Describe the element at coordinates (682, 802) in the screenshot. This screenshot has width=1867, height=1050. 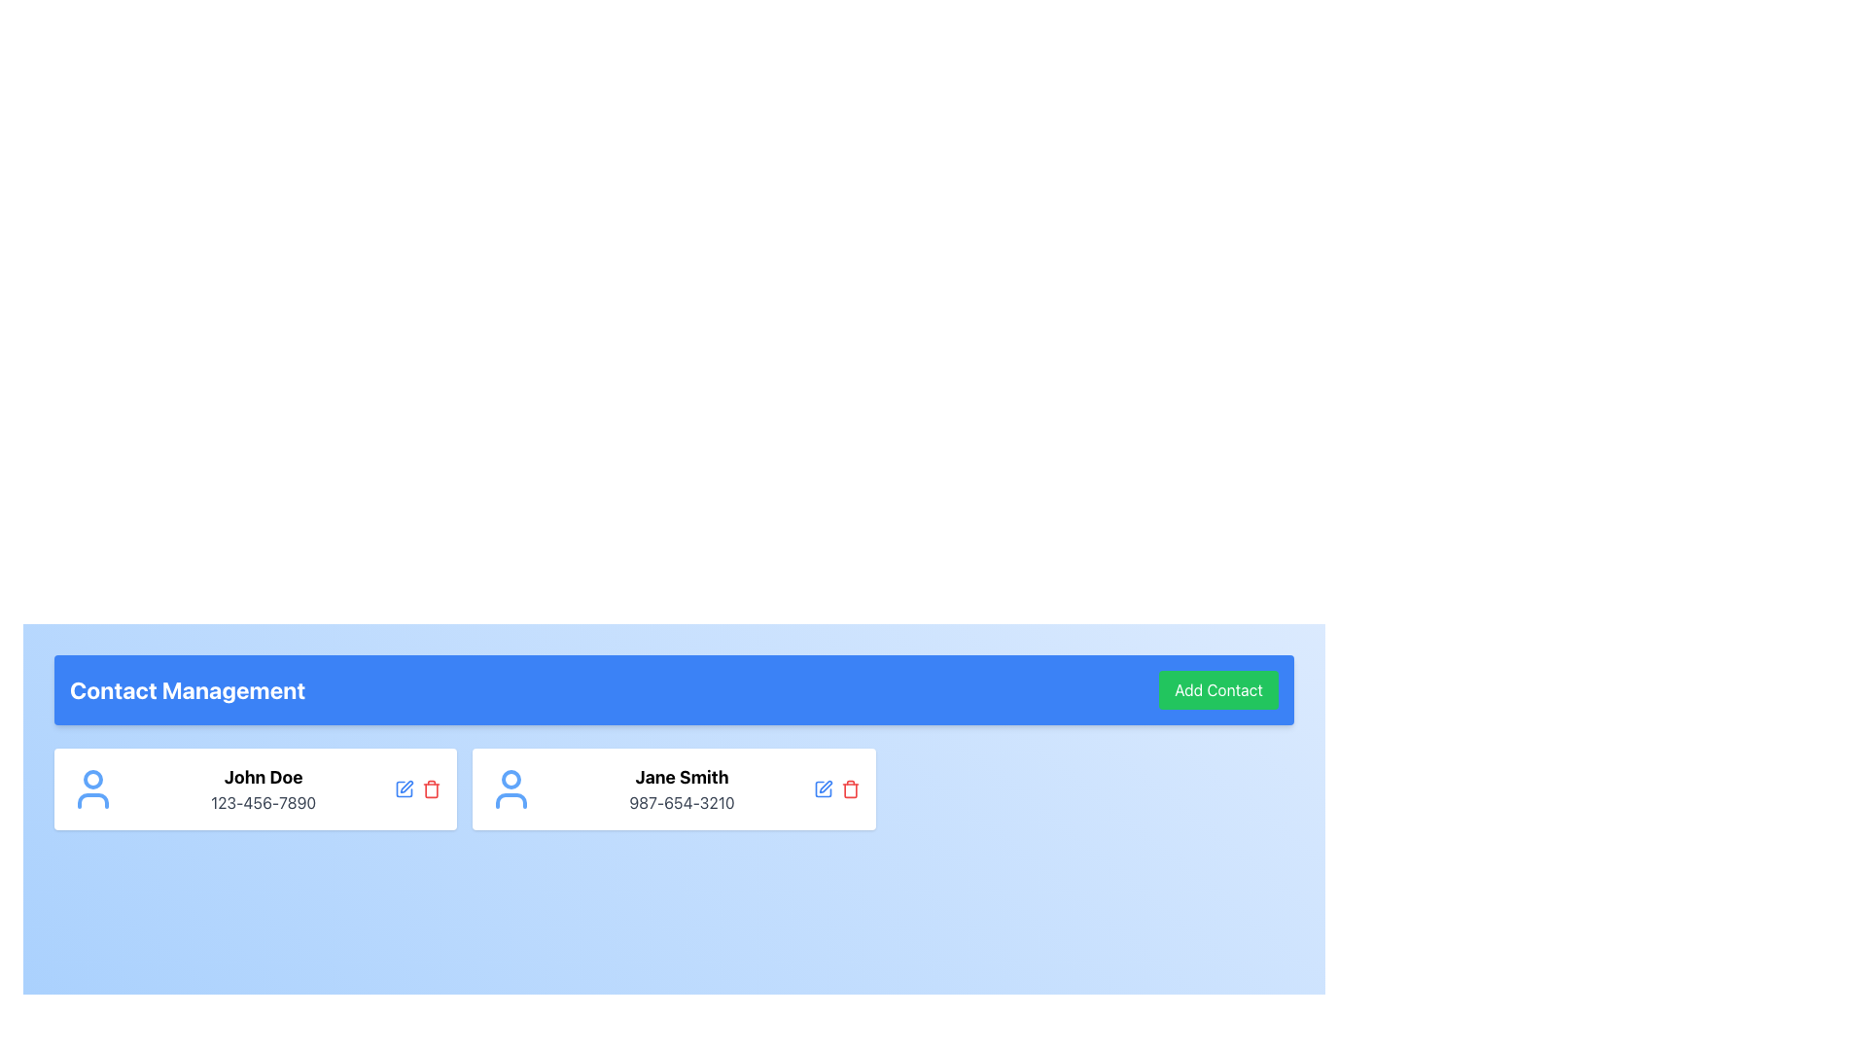
I see `phone number displayed in the Text Display element located beneath 'Jane Smith' in the second contact card` at that location.